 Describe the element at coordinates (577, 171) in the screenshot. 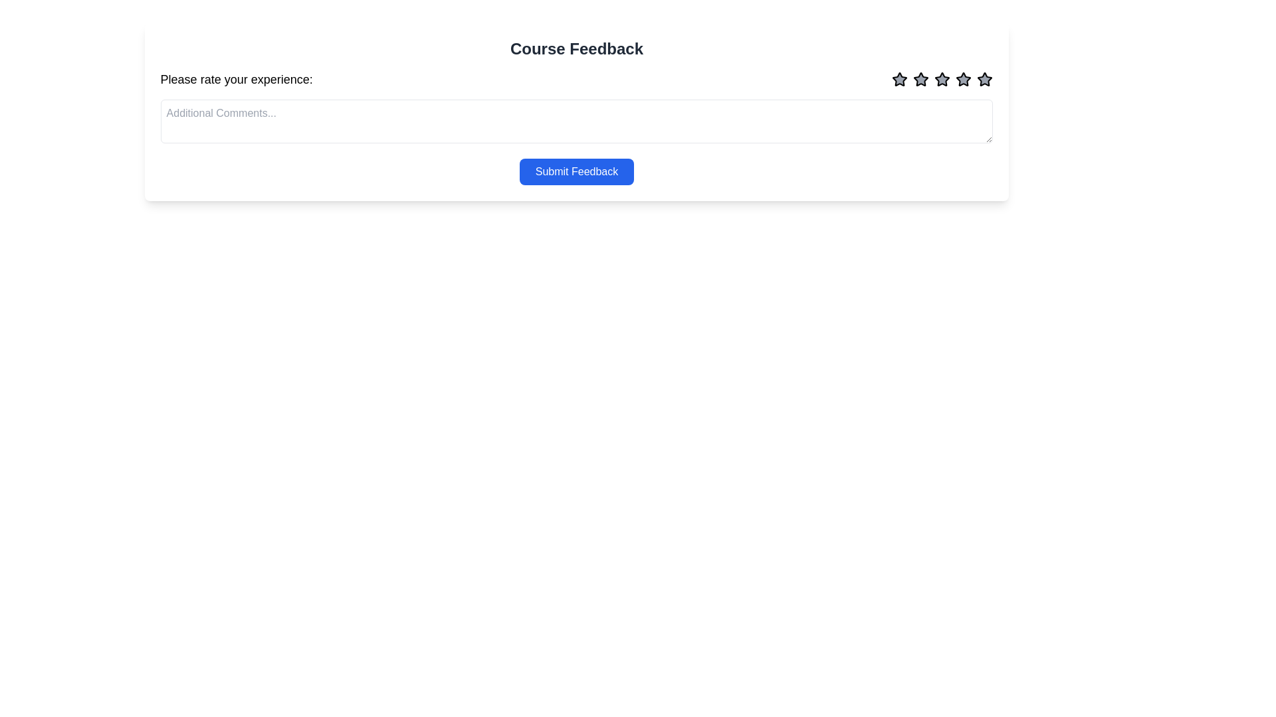

I see `the blue 'Submit Feedback' button with rounded corners` at that location.